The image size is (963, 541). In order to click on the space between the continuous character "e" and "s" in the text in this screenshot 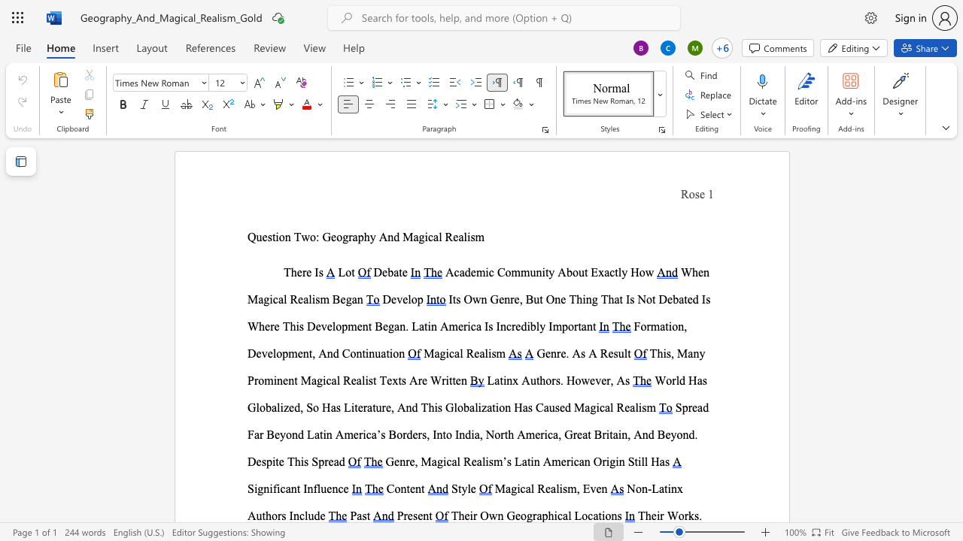, I will do `click(267, 237)`.